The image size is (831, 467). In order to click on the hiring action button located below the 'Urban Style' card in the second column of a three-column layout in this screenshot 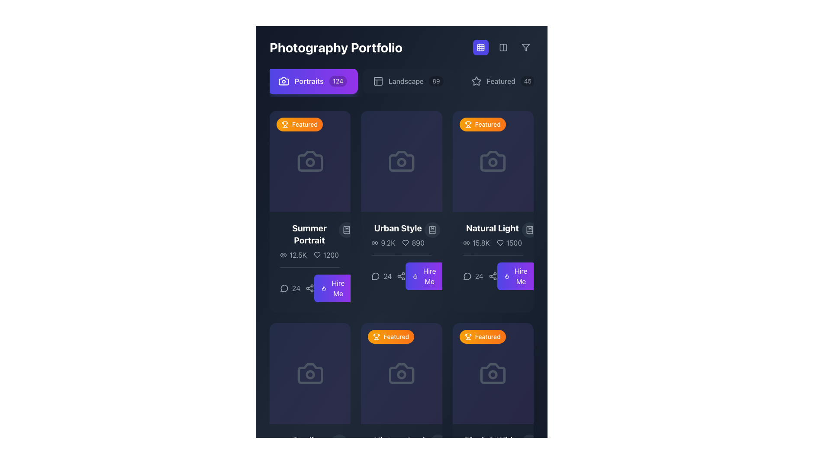, I will do `click(333, 288)`.